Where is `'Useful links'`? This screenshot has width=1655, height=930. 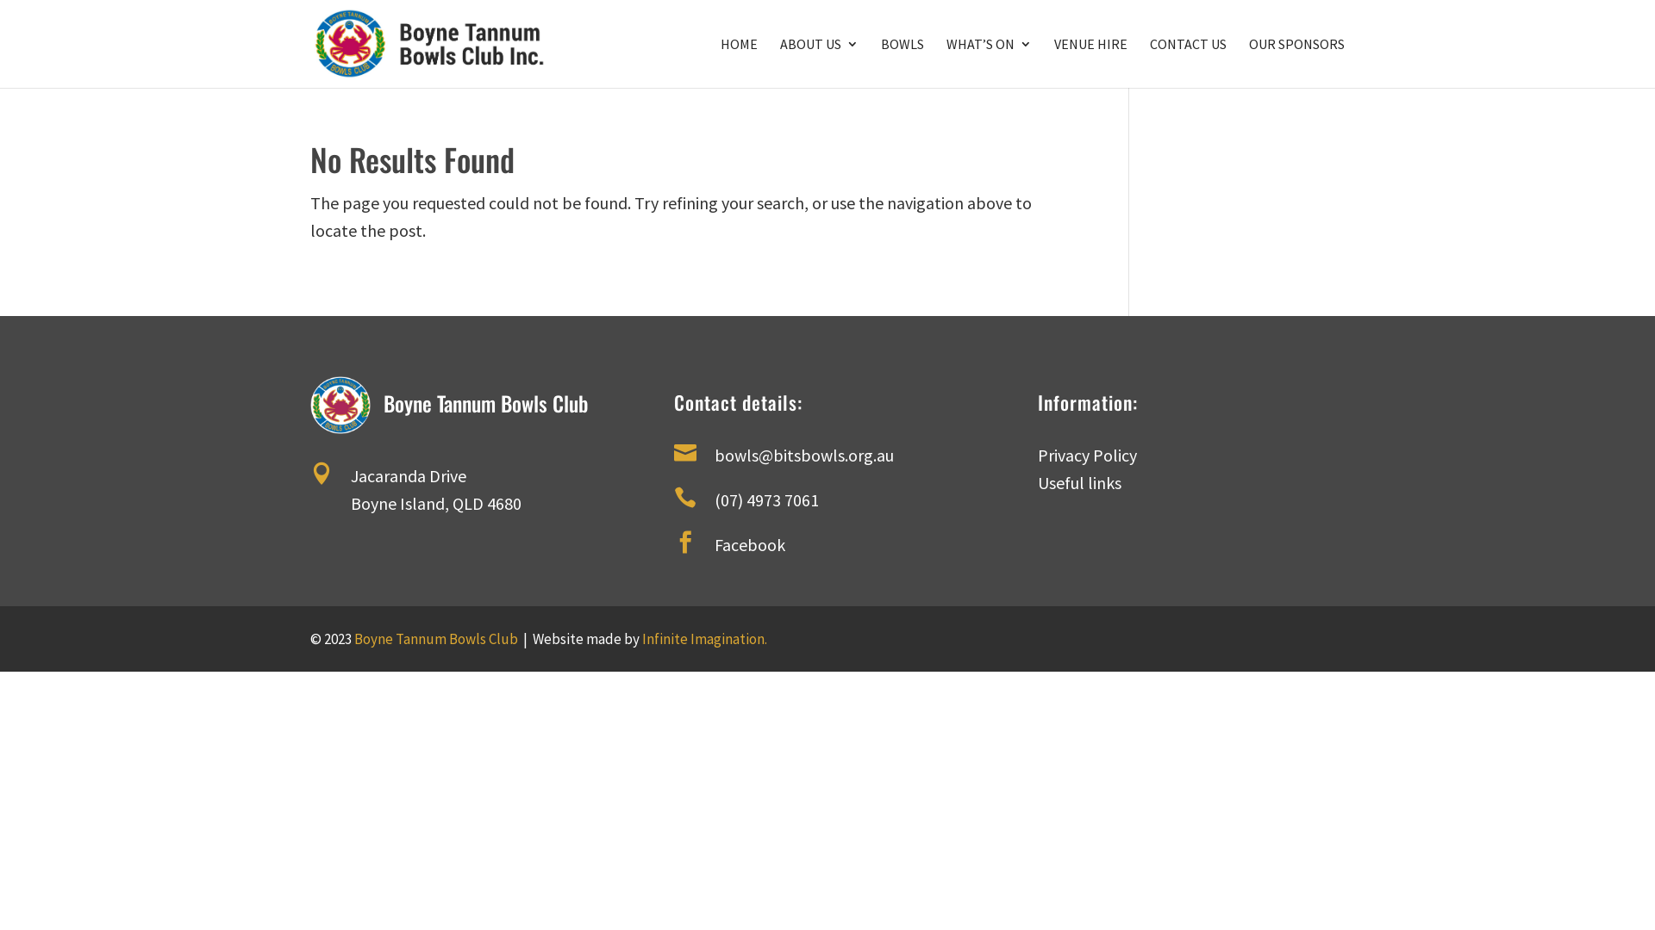 'Useful links' is located at coordinates (1037, 482).